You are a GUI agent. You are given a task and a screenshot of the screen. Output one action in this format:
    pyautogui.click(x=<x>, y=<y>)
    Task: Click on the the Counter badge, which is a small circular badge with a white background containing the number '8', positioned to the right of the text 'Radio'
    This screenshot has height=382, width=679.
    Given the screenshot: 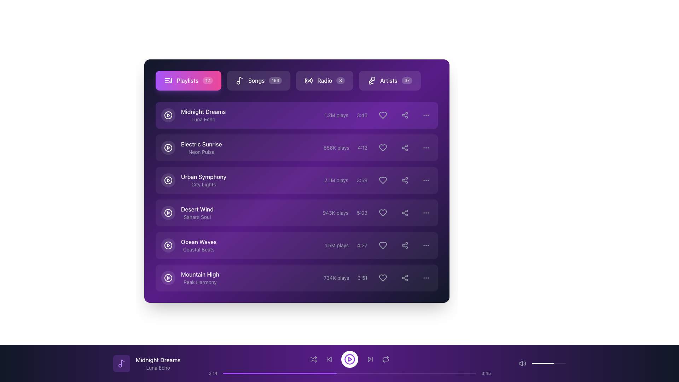 What is the action you would take?
    pyautogui.click(x=341, y=80)
    